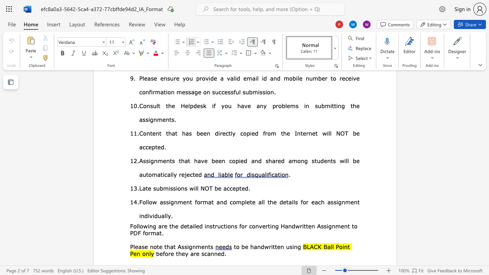 This screenshot has height=275, width=489. What do you see at coordinates (219, 188) in the screenshot?
I see `the 2th character "e" in the text` at bounding box center [219, 188].